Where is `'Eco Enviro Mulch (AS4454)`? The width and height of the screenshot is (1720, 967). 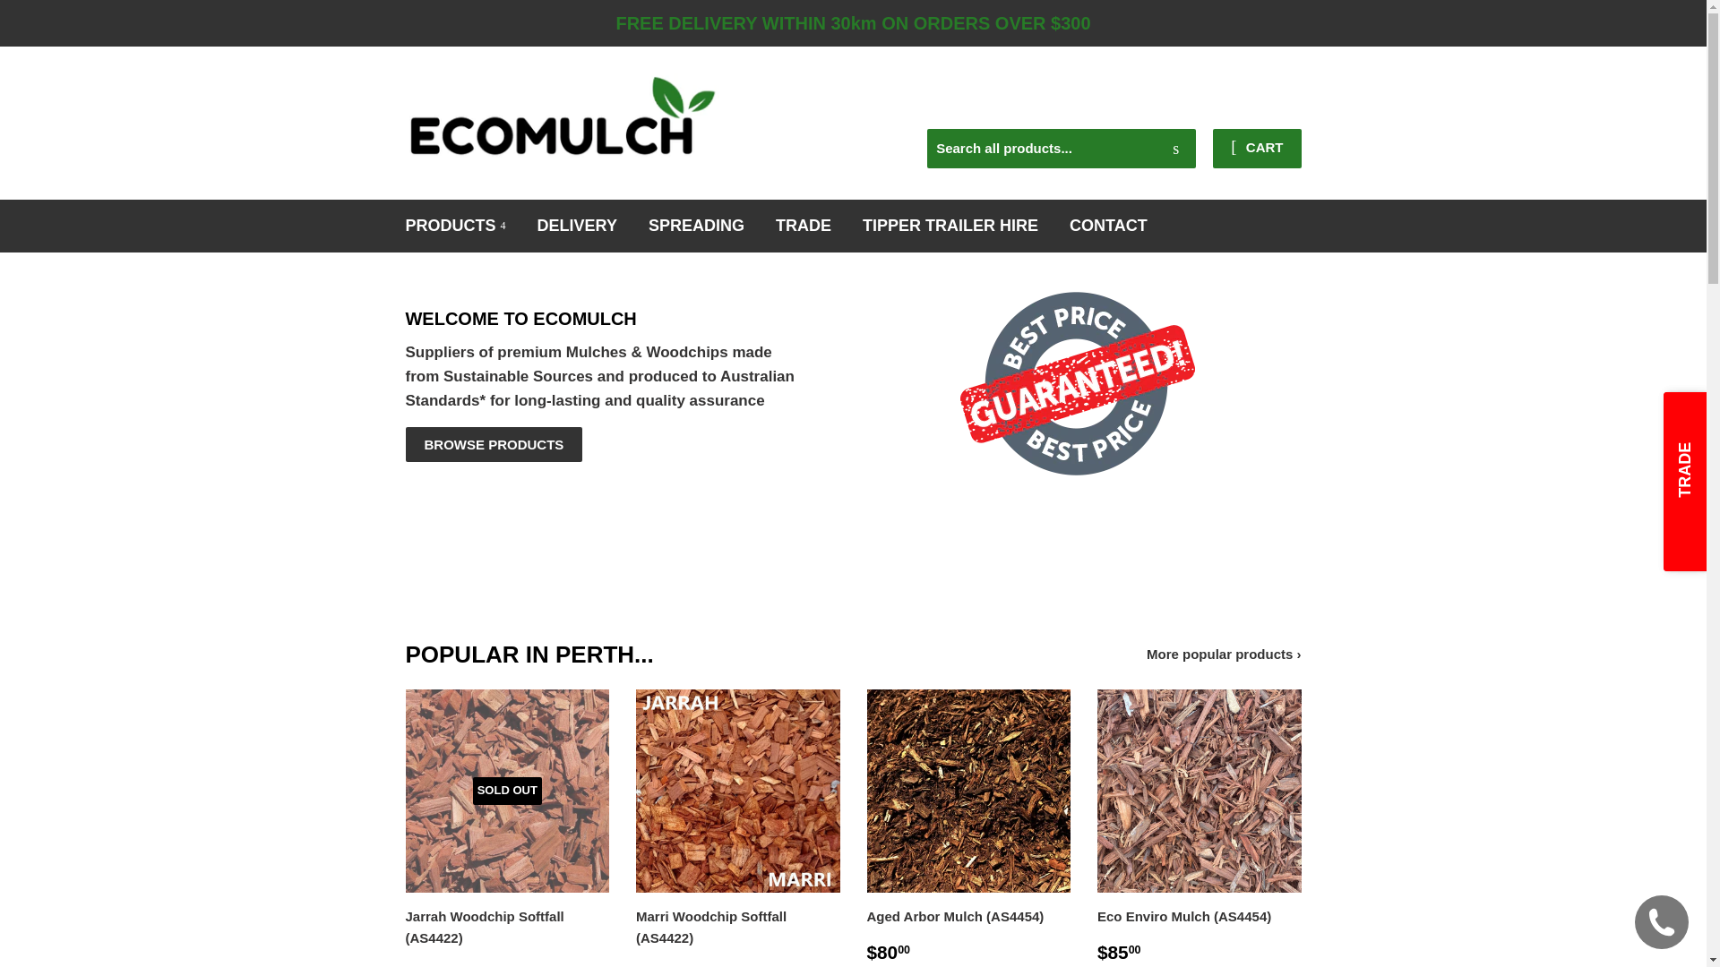 'Eco Enviro Mulch (AS4454) is located at coordinates (1096, 826).